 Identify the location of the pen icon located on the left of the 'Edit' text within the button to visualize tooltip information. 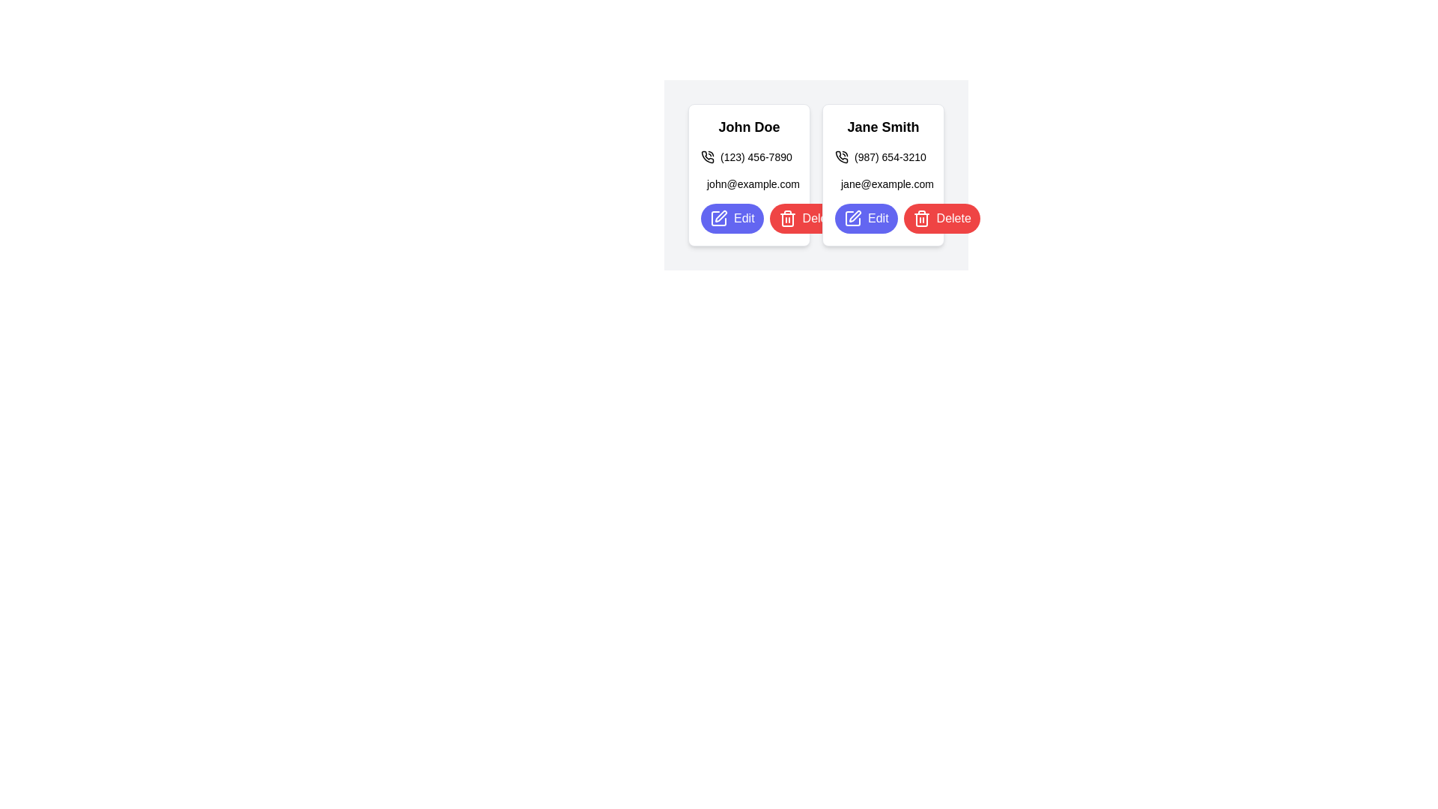
(852, 219).